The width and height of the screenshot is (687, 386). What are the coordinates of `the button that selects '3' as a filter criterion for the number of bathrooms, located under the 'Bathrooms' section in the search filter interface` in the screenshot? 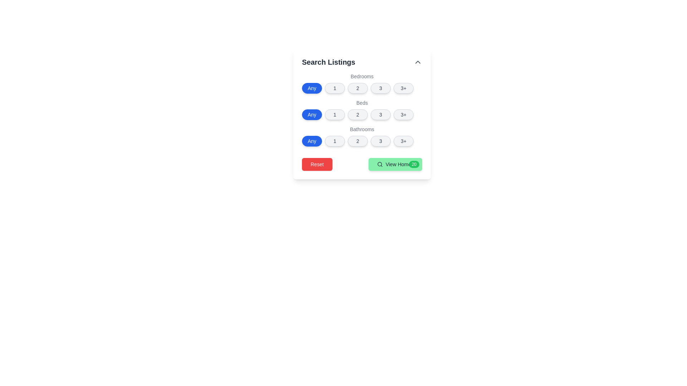 It's located at (380, 141).